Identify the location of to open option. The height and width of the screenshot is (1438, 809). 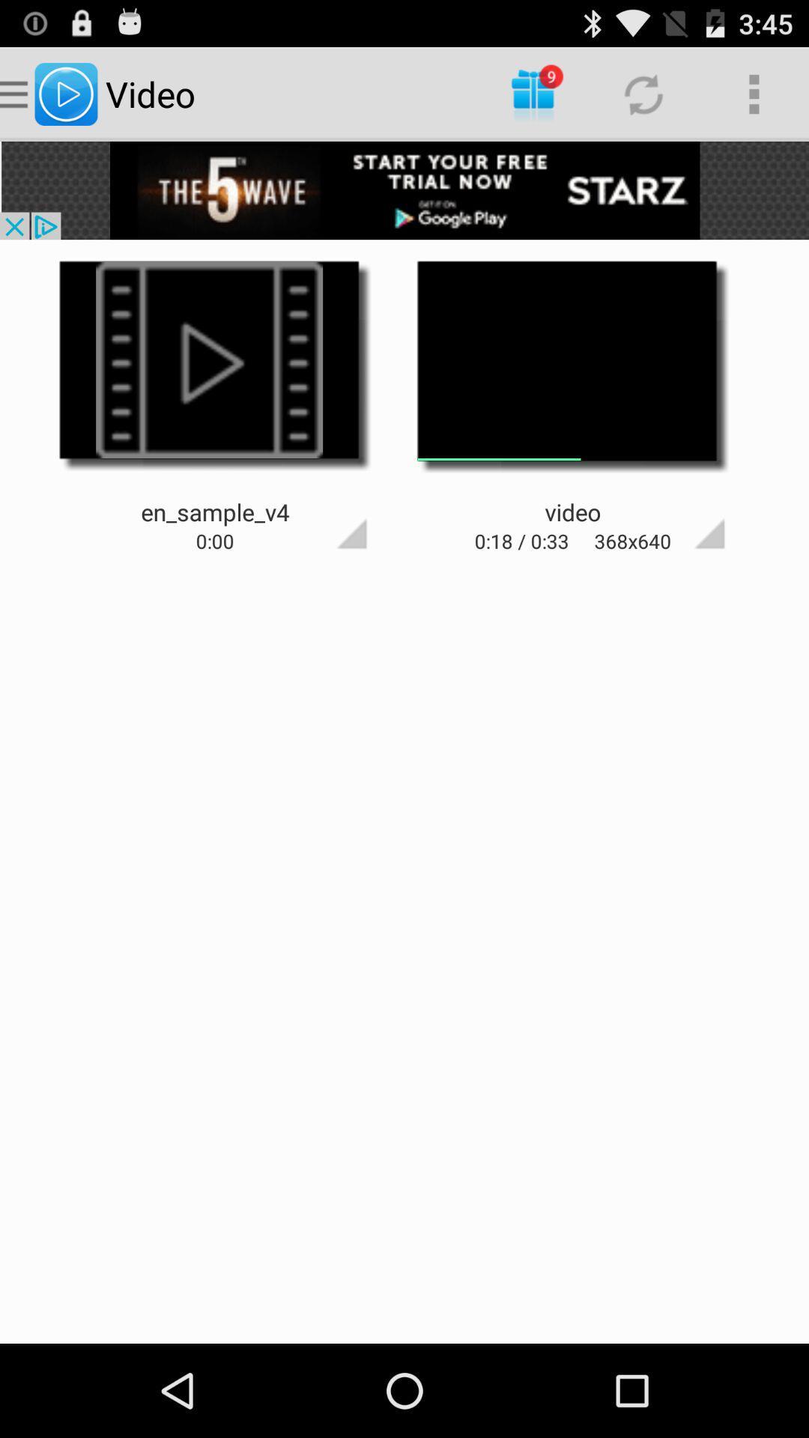
(324, 507).